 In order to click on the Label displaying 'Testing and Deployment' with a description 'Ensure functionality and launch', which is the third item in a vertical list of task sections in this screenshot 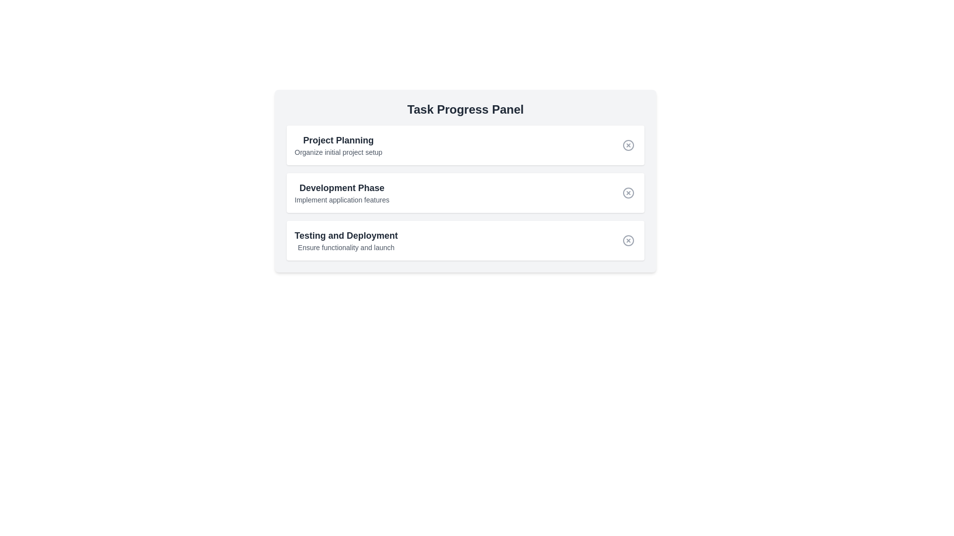, I will do `click(346, 241)`.